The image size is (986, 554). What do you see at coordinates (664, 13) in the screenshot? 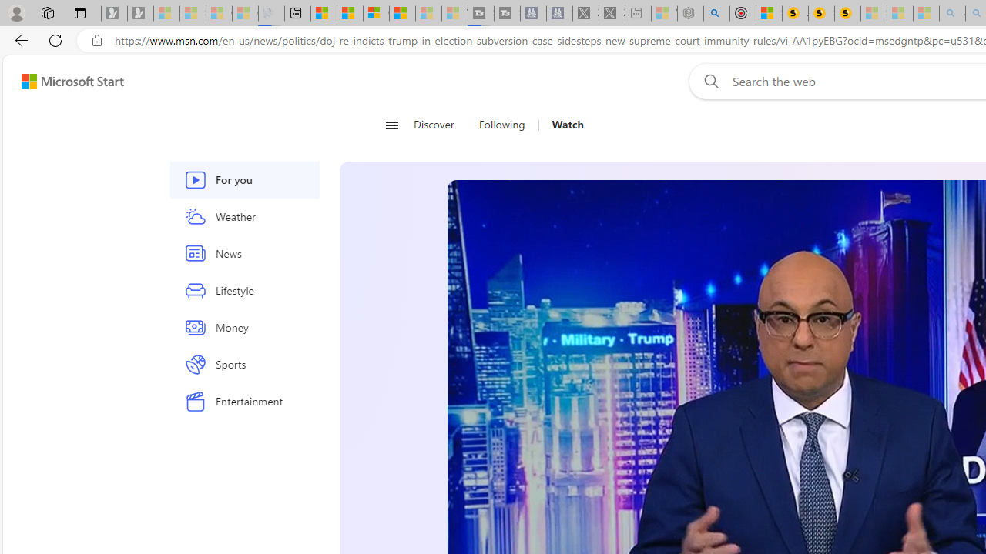
I see `'Wildlife - MSN - Sleeping'` at bounding box center [664, 13].